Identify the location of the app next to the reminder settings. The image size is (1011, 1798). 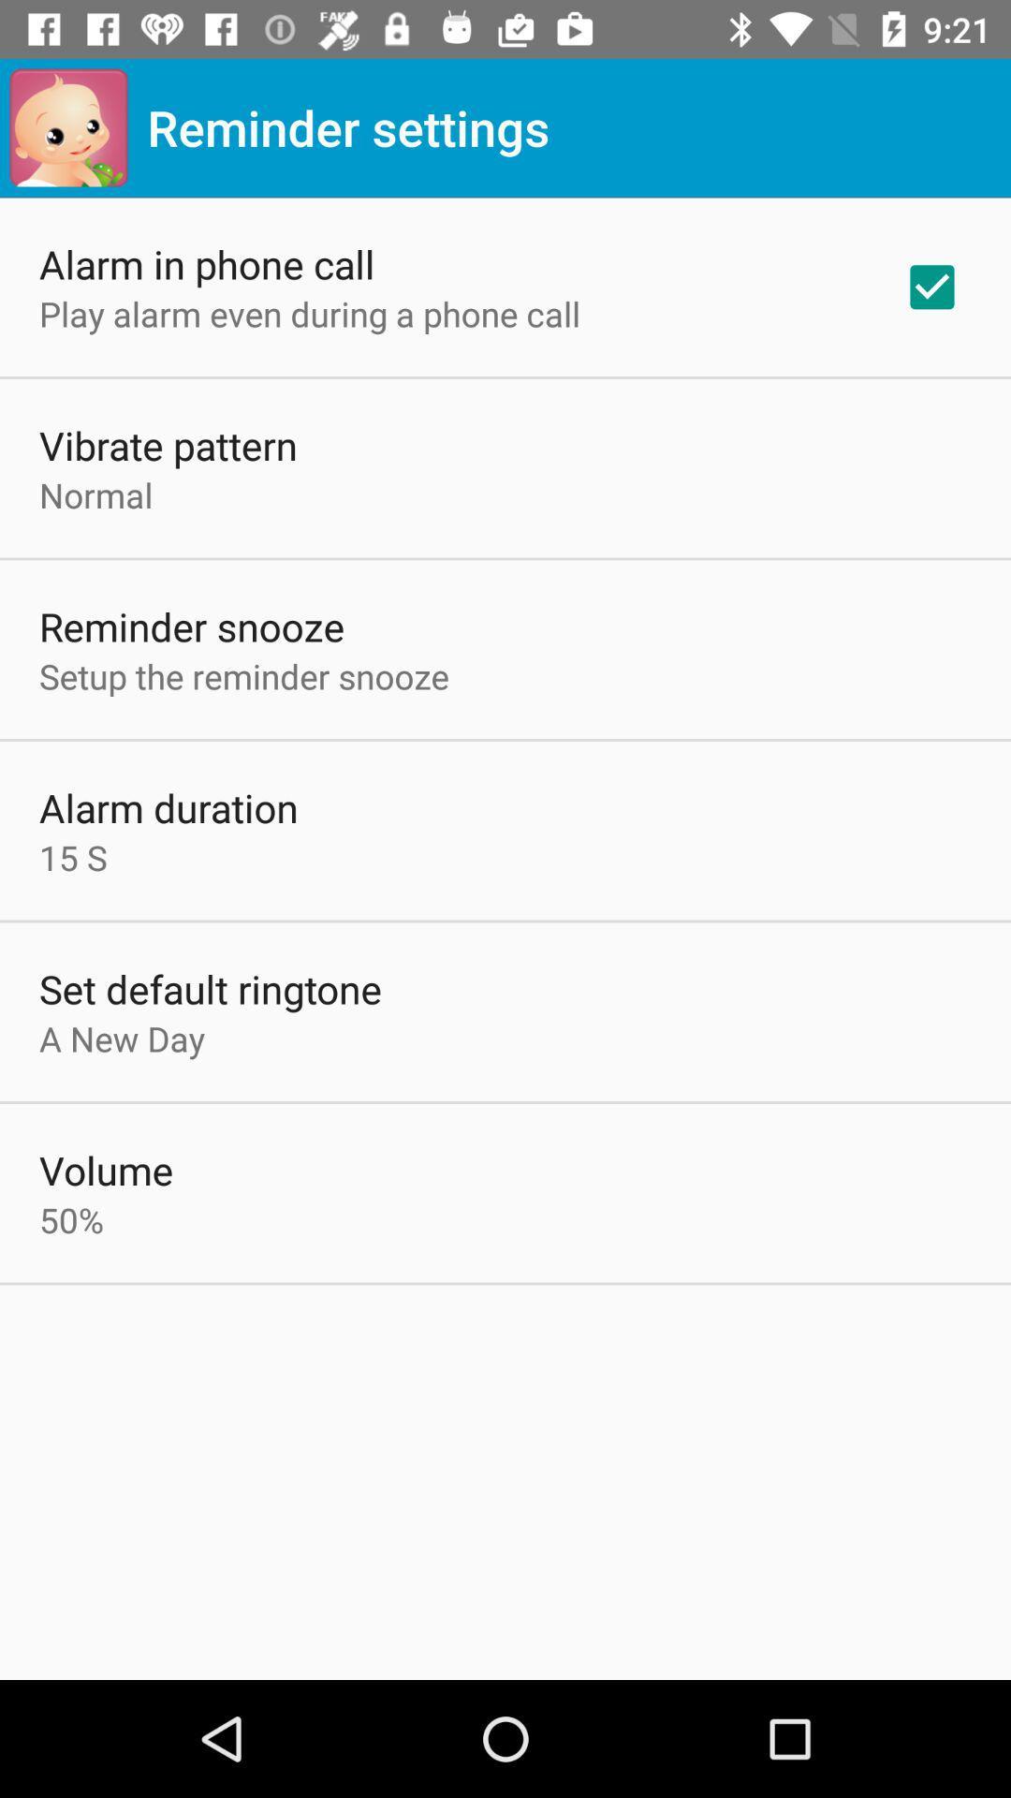
(67, 126).